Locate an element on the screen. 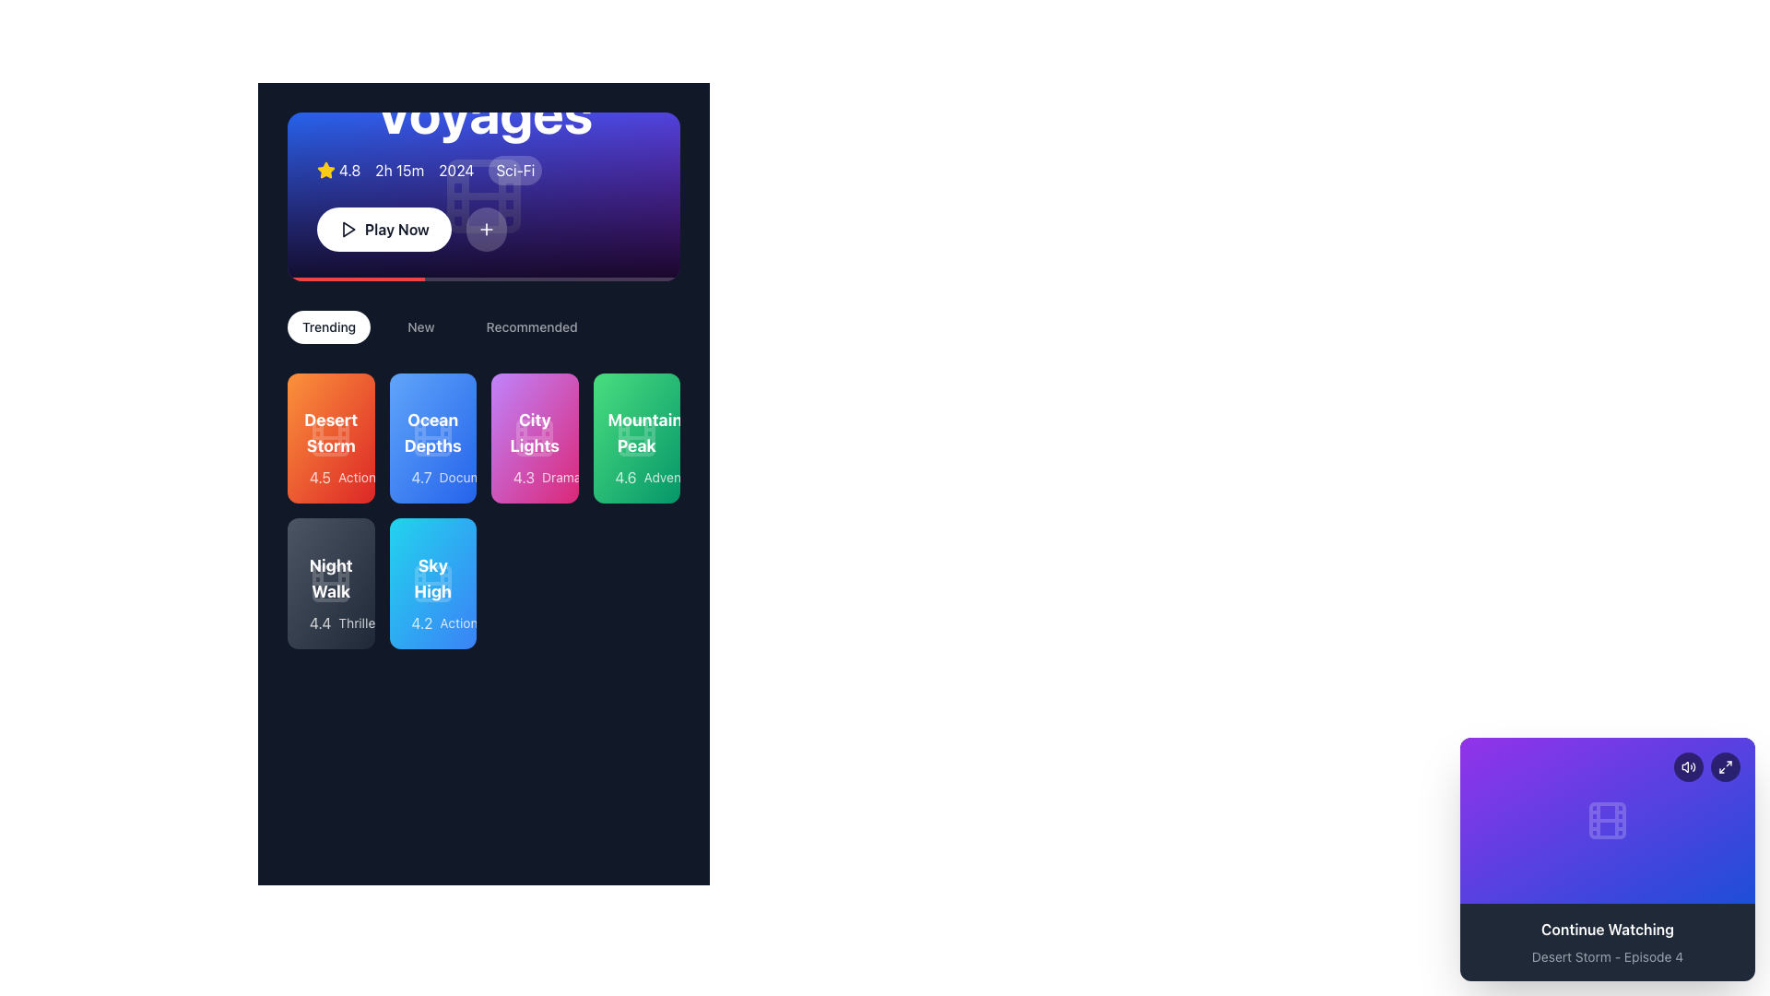 The height and width of the screenshot is (996, 1770). the text label representing a film or media item located at the top section of the first card under the 'Trending' category tab is located at coordinates (331, 433).